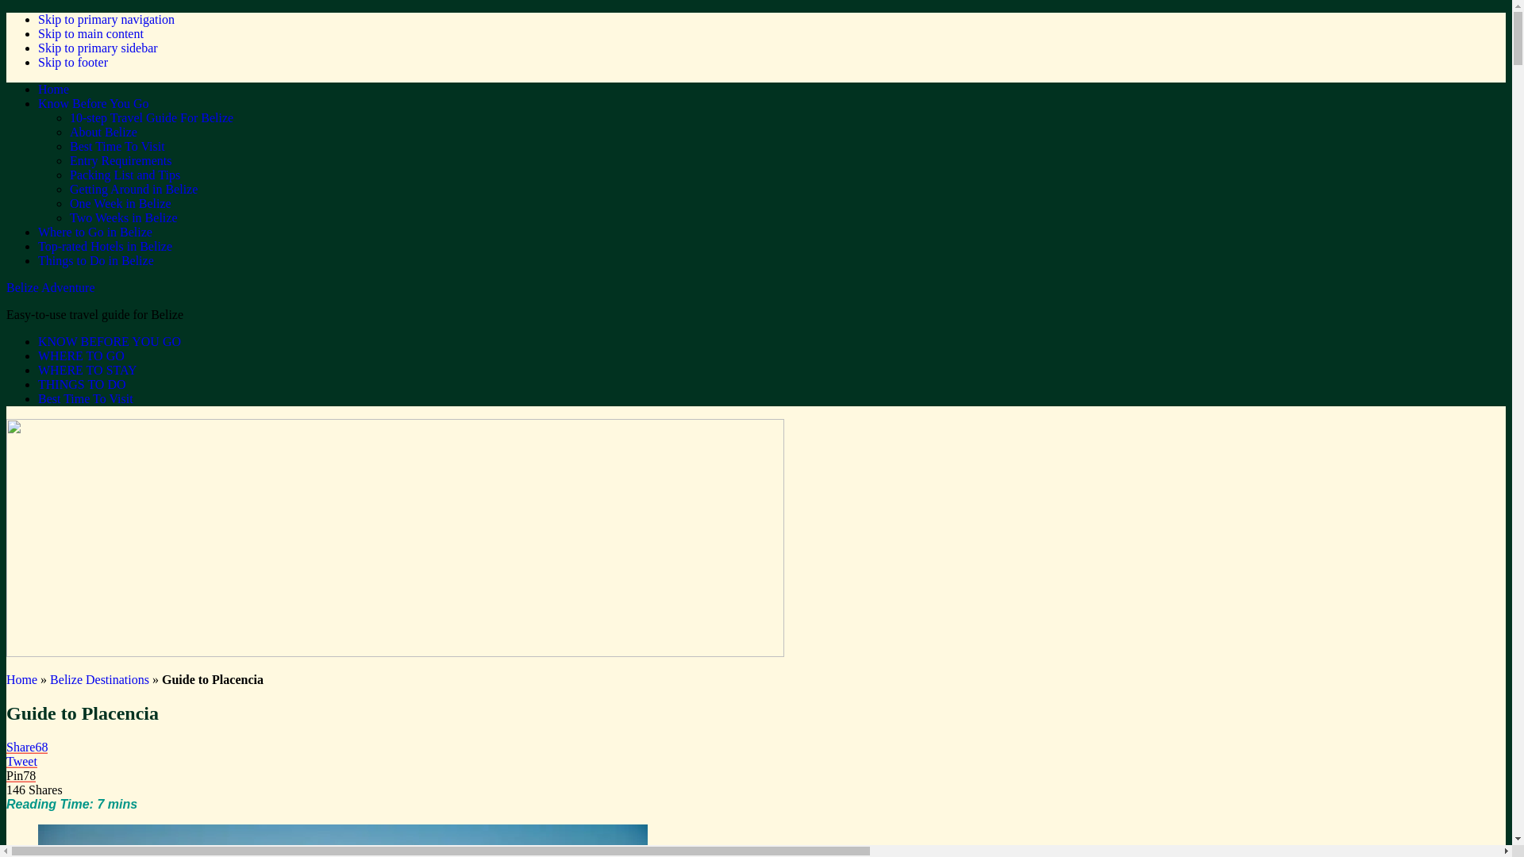  Describe the element at coordinates (21, 760) in the screenshot. I see `'Tweet'` at that location.